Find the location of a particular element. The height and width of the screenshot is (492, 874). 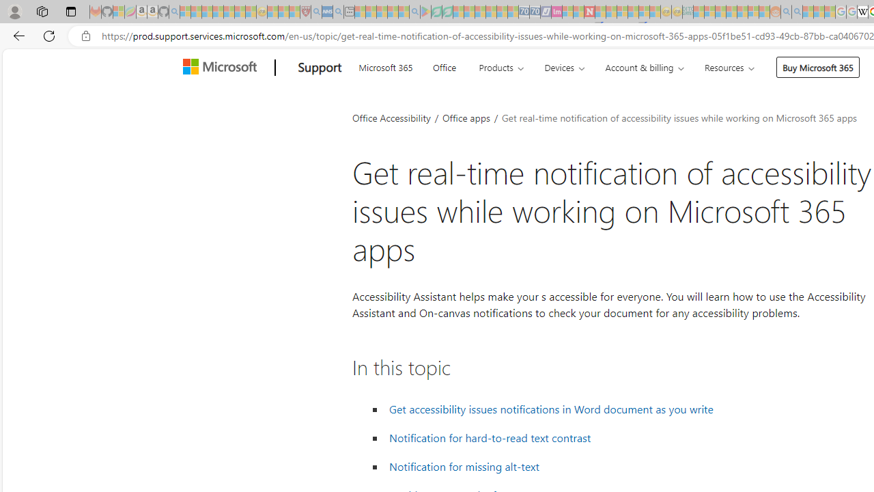

'Local - MSN - Sleeping' is located at coordinates (294, 12).